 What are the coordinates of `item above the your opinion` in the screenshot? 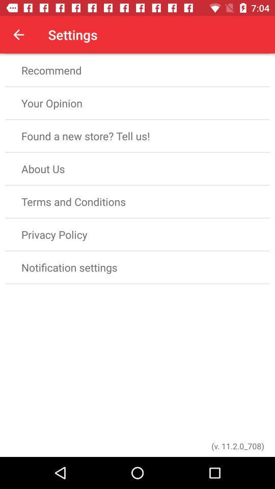 It's located at (137, 70).